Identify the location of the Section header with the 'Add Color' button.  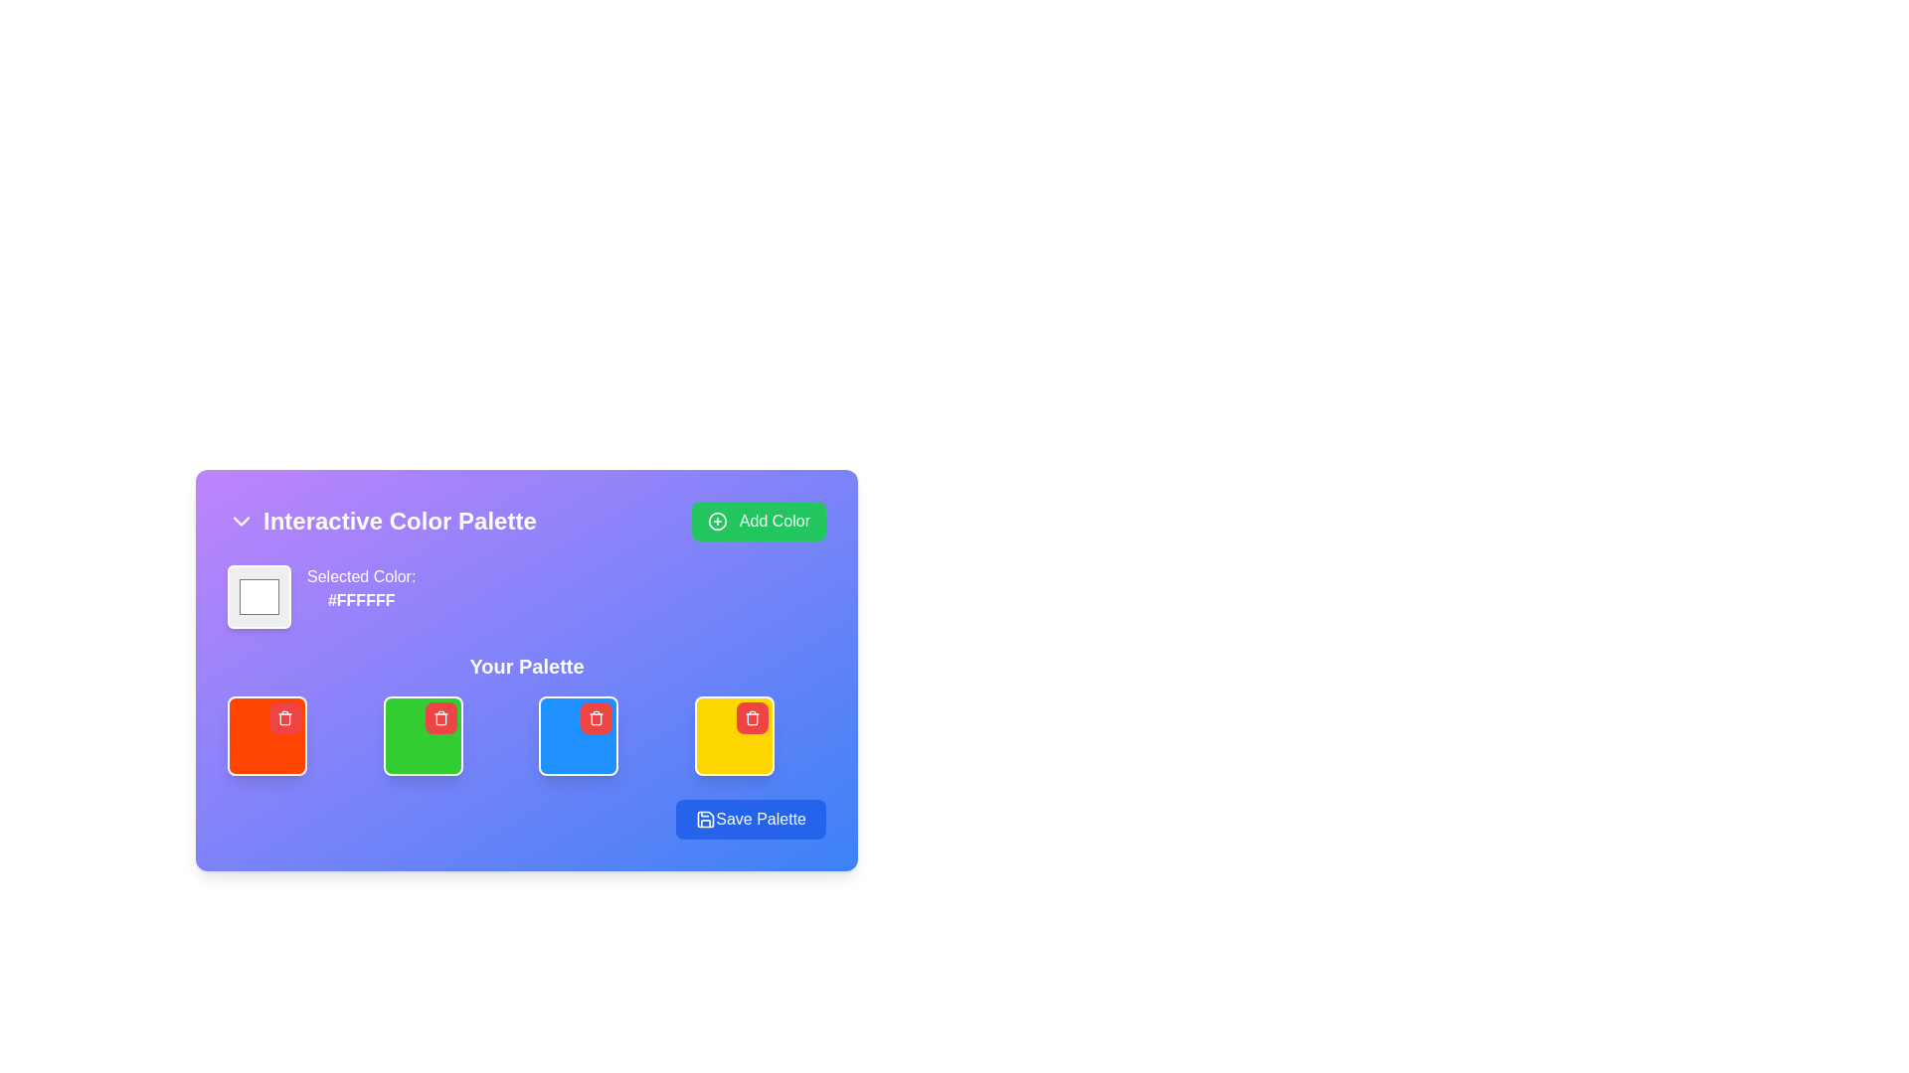
(526, 520).